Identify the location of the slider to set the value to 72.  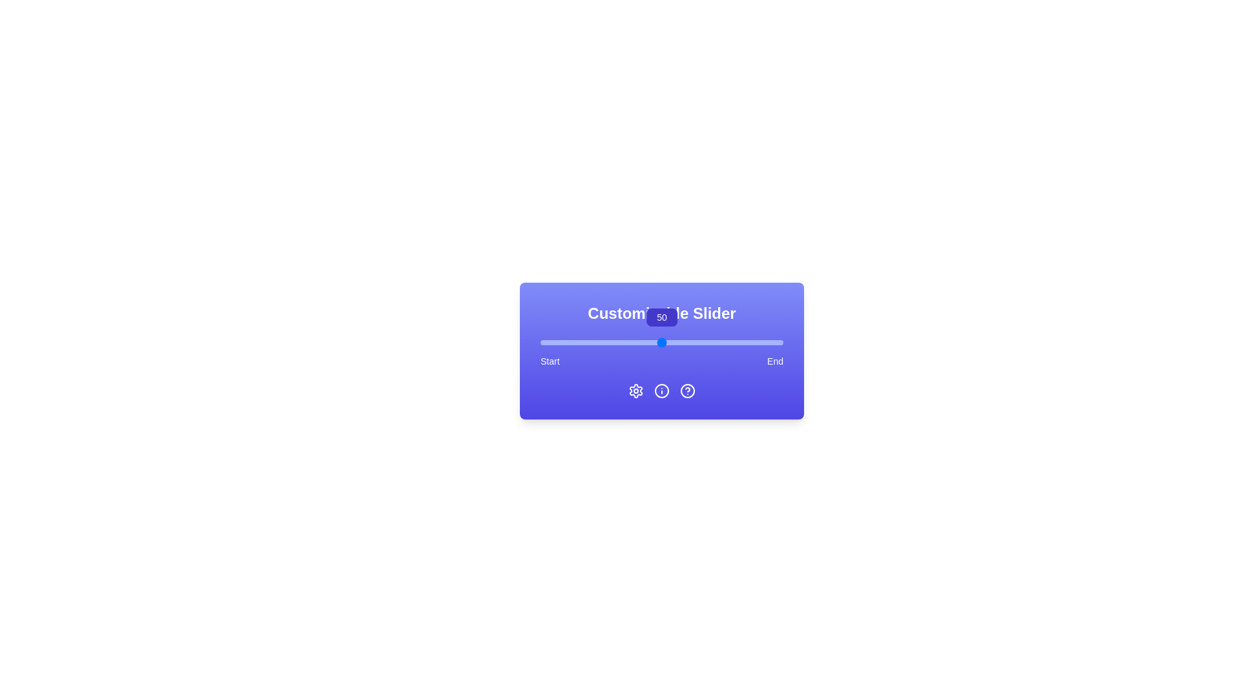
(714, 342).